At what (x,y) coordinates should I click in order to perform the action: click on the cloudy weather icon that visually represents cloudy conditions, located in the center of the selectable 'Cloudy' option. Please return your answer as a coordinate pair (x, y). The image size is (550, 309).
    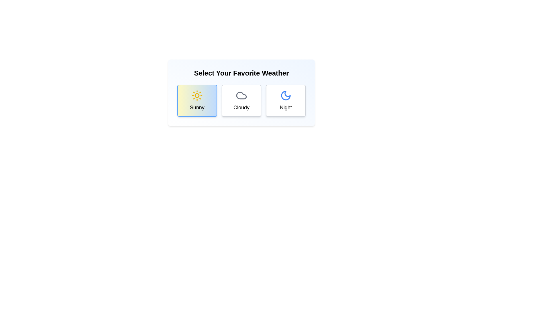
    Looking at the image, I should click on (241, 95).